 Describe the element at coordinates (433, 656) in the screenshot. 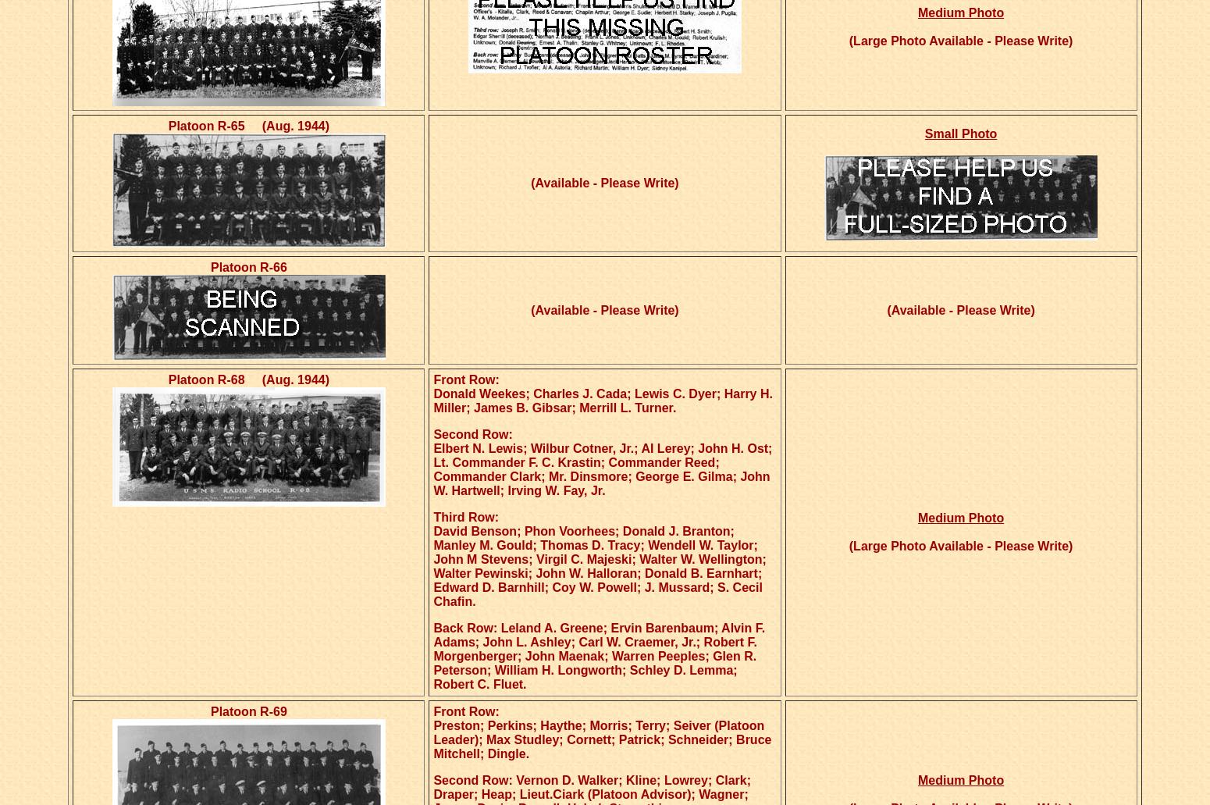

I see `'Back Row: Leland A. Greene; Ervin Barenbaum; Alvin F. Adams; John L. Ashley; Carl W. Craemer, Jr.;
                Robert F. Morgenberger; John Maenak; Warren Peeples; Glen R. Peterson; William H. Longworth; Schley D. Lemma; Robert C. Fluet.'` at that location.